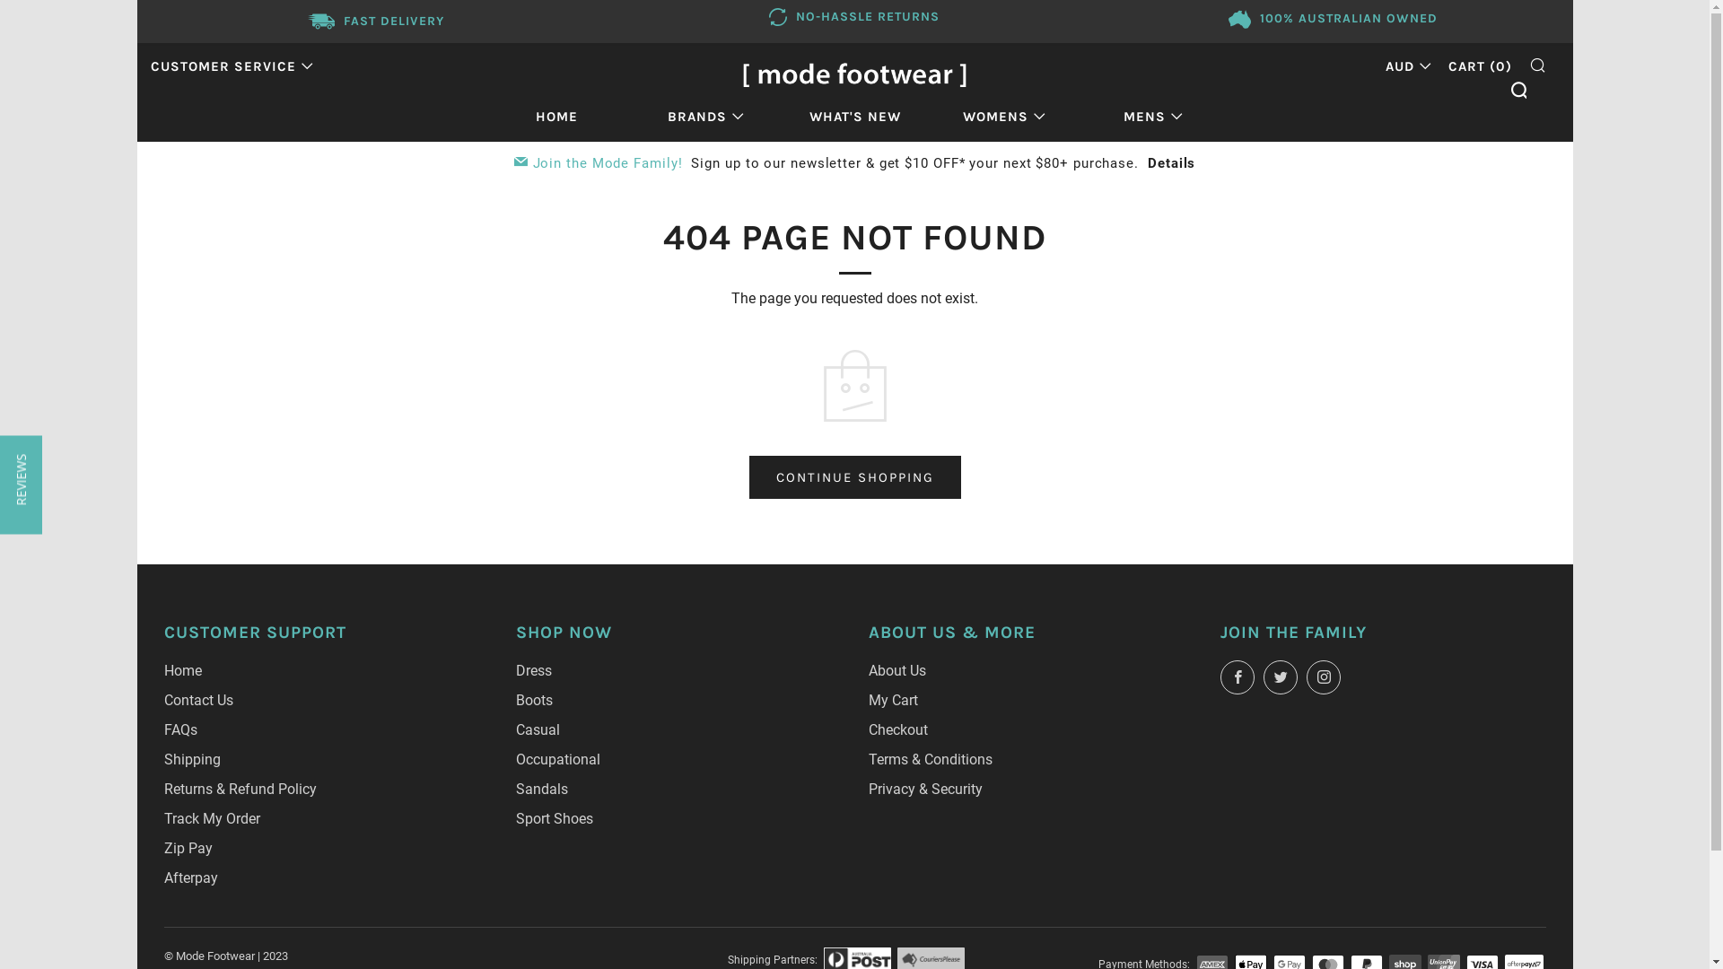 This screenshot has height=969, width=1723. I want to click on 'Facebook', so click(1236, 677).